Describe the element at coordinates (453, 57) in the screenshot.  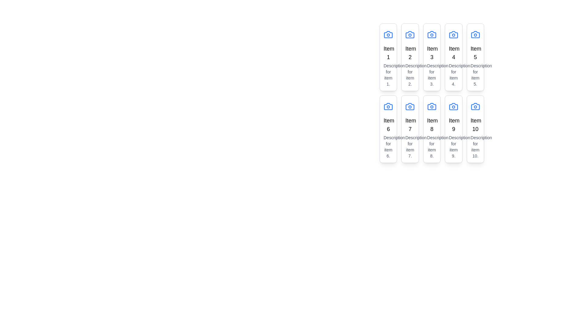
I see `the fourth card in the grid layout` at that location.